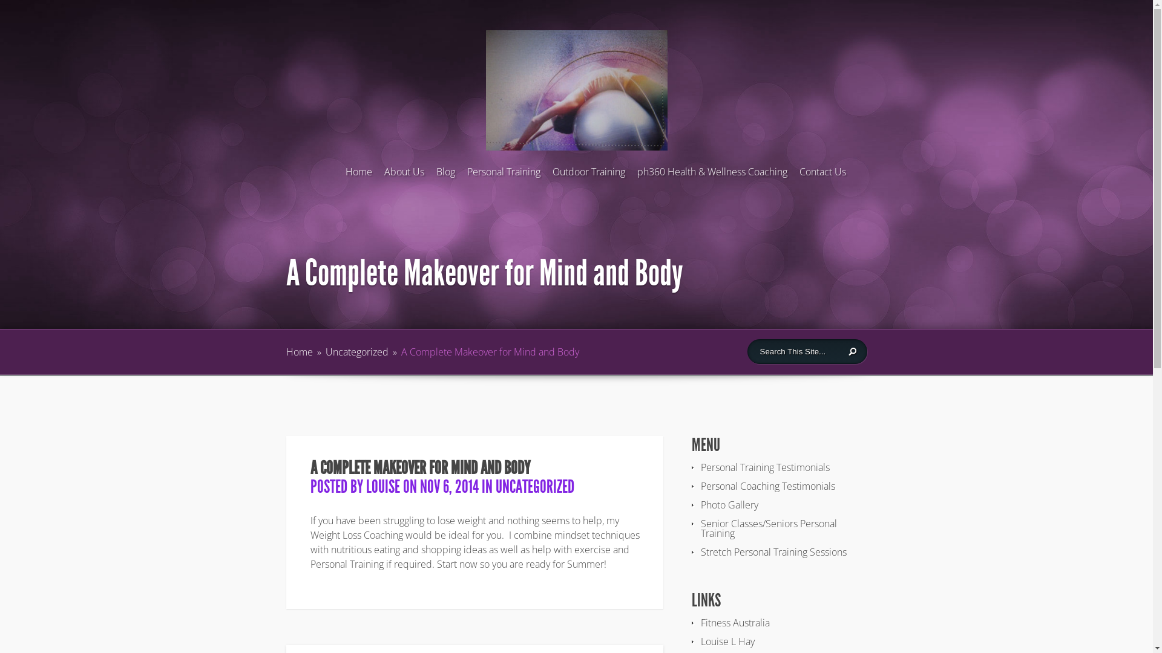 Image resolution: width=1162 pixels, height=653 pixels. Describe the element at coordinates (767, 485) in the screenshot. I see `'Personal Coaching Testimonials'` at that location.